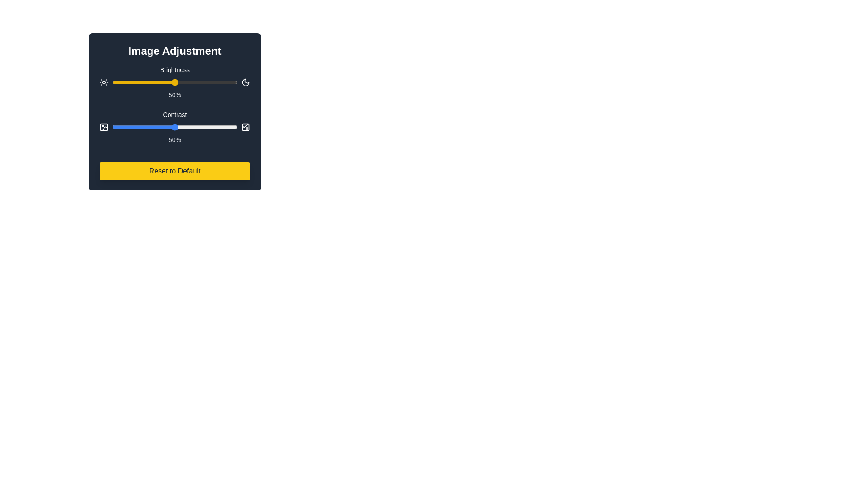  Describe the element at coordinates (155, 127) in the screenshot. I see `the contrast level` at that location.